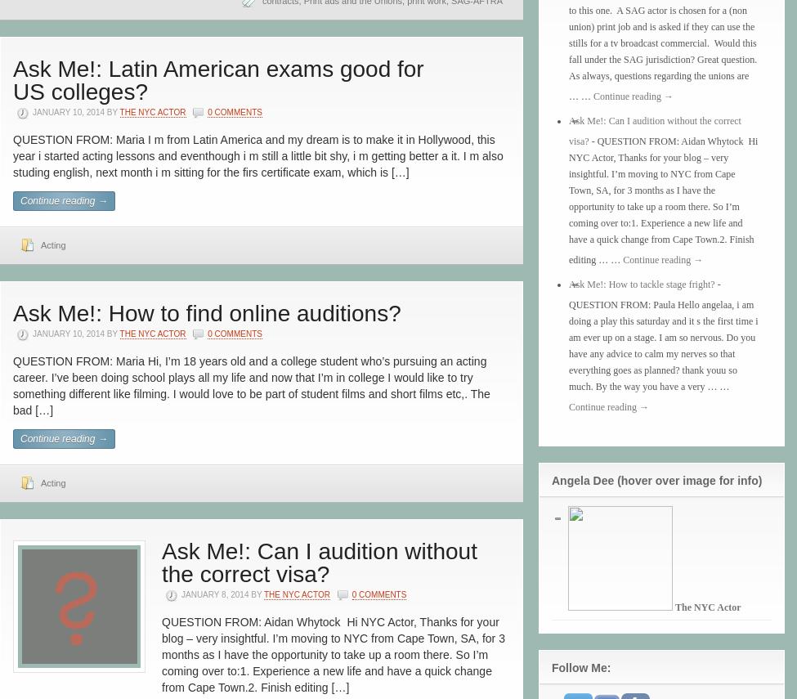 This screenshot has width=797, height=699. What do you see at coordinates (12, 155) in the screenshot?
I see `'QUESTION FROM: Maria I m from Latin America and my dream is to make it in Hollywood, this year i started acting lessons and eventhough i m still a little bit shy, i m getting better a it. I m also studing english, next month i m sitting for the firs certificate exam, which is […]'` at bounding box center [12, 155].